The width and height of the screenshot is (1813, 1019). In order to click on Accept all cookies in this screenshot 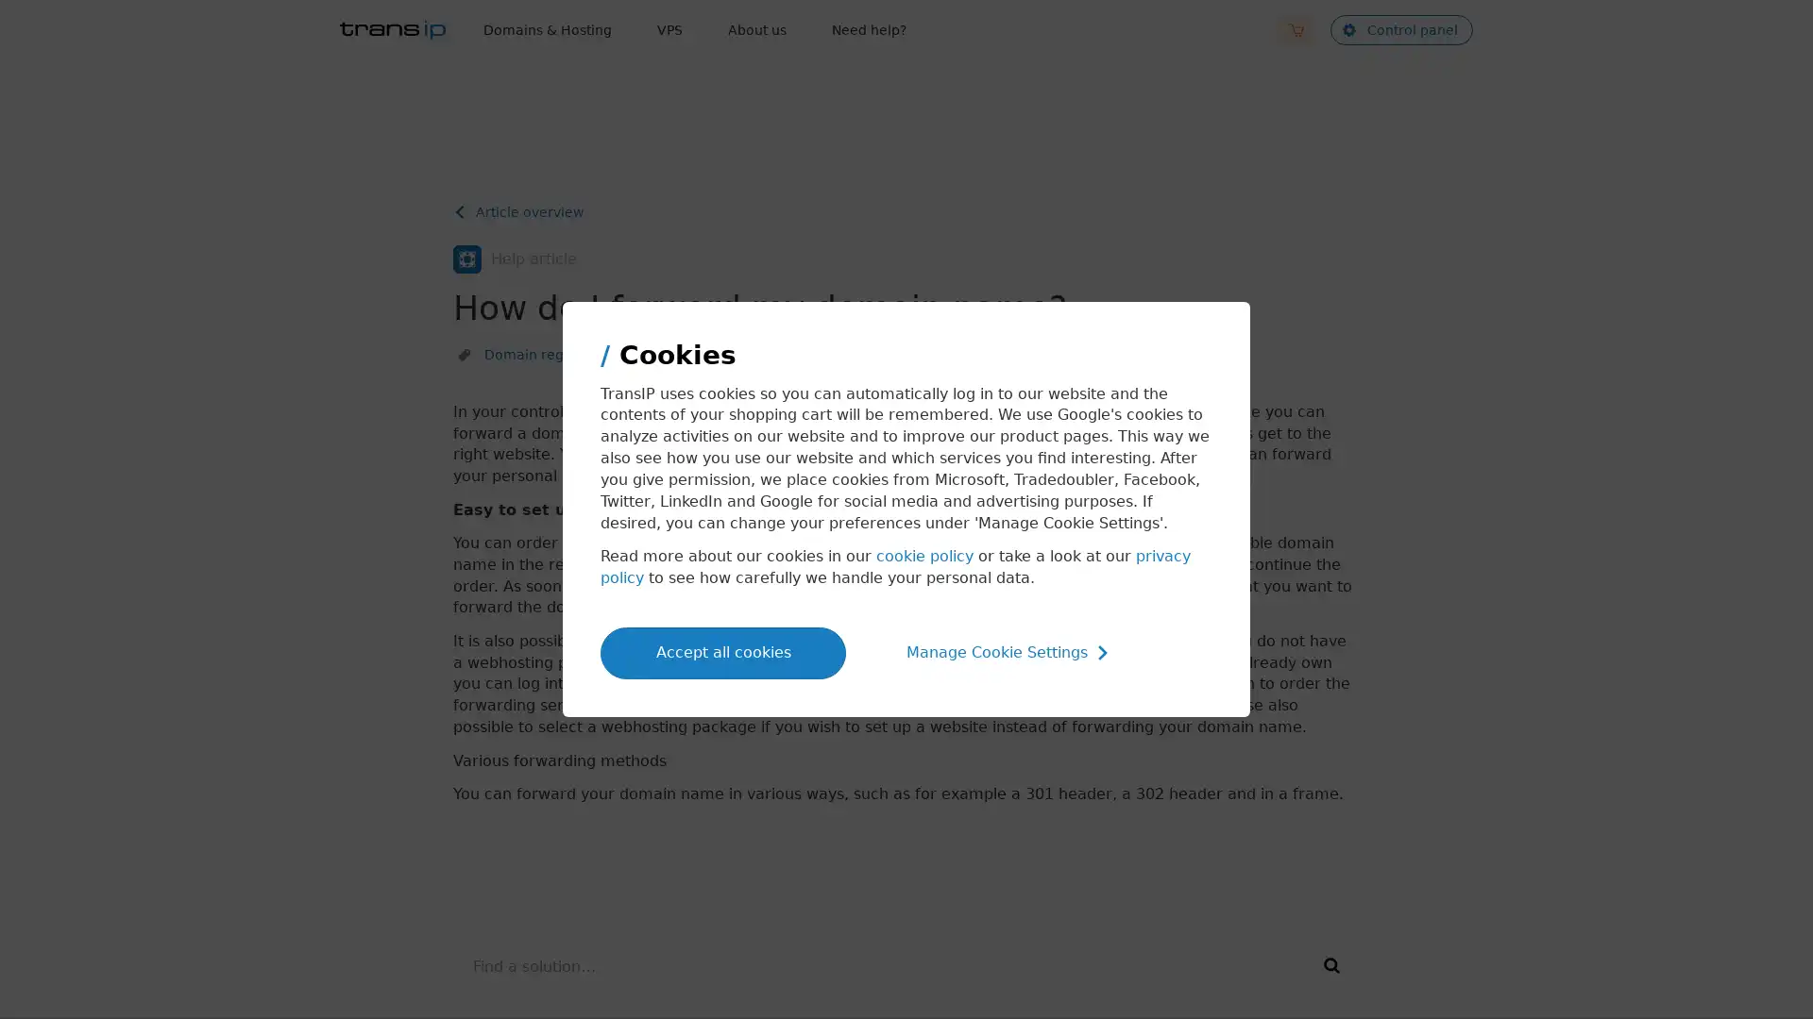, I will do `click(722, 651)`.